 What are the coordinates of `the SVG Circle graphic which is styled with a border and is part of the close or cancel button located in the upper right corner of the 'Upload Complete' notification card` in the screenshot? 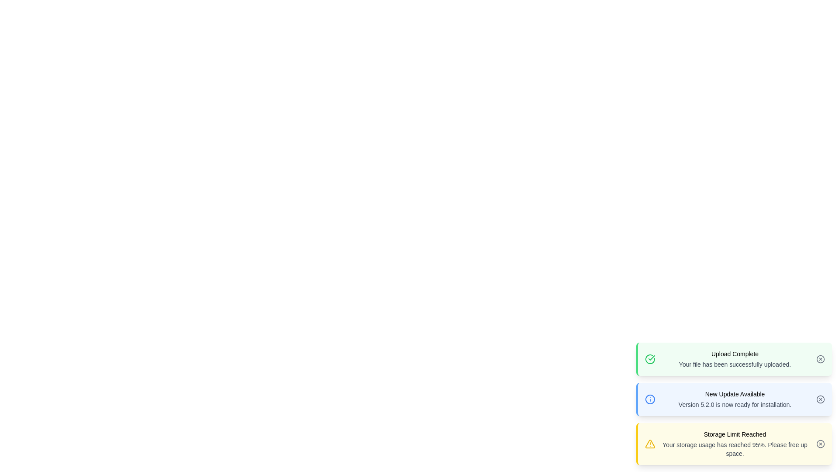 It's located at (820, 359).